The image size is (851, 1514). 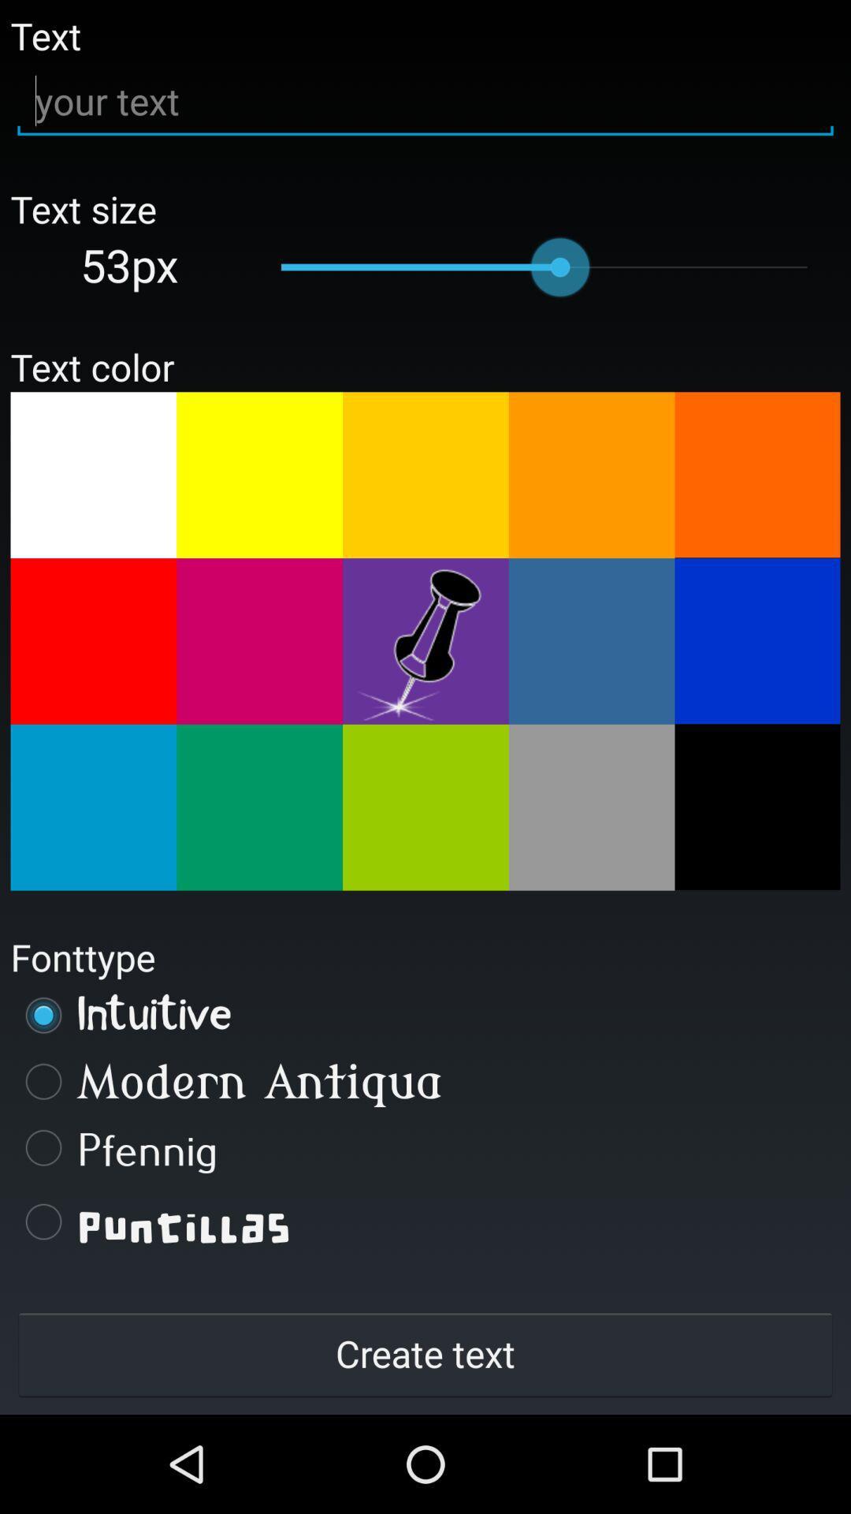 I want to click on puntillas, so click(x=425, y=1221).